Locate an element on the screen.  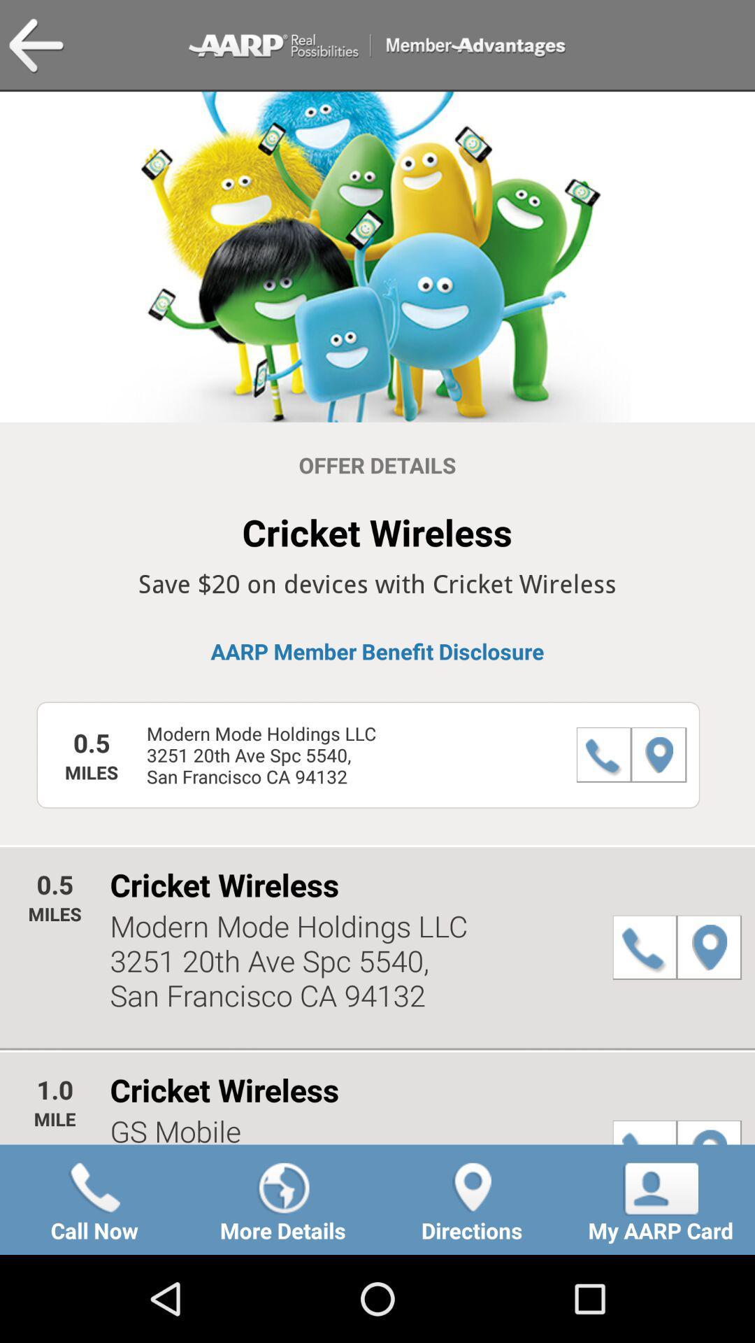
the call icon is located at coordinates (603, 808).